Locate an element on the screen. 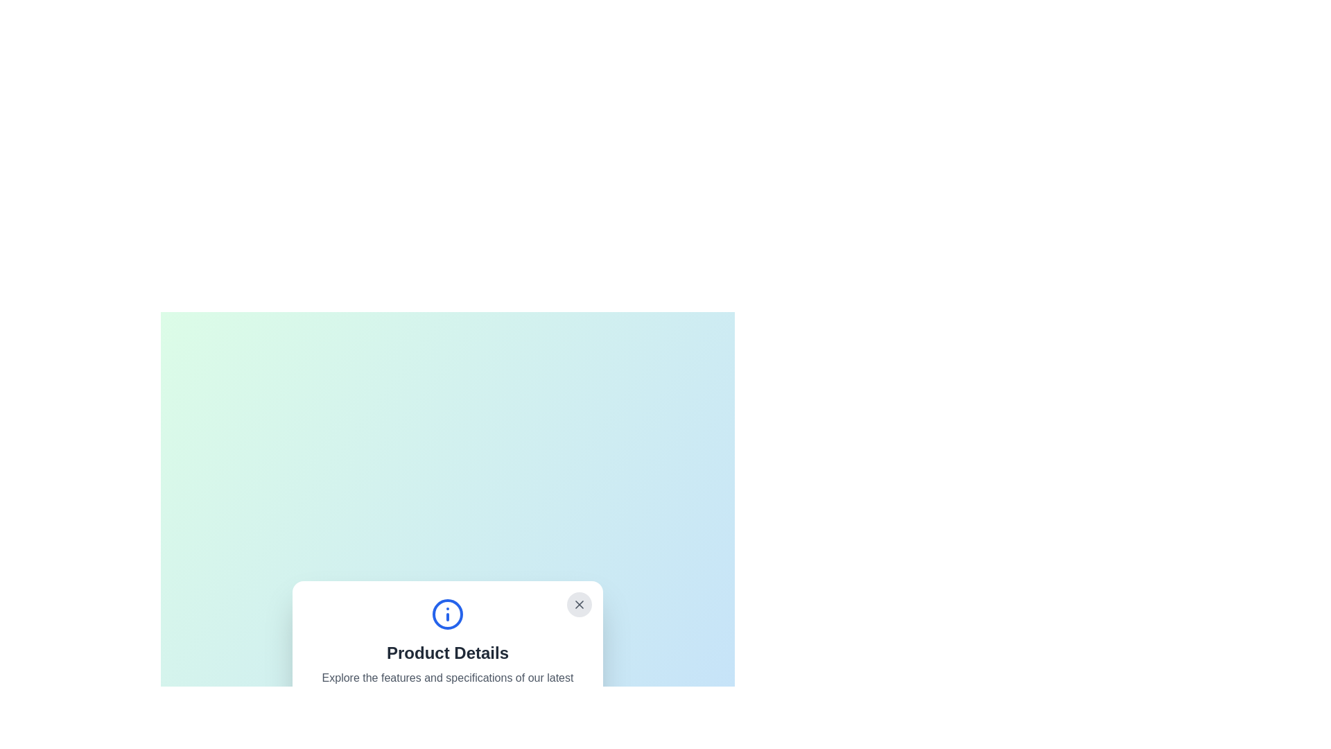 The width and height of the screenshot is (1331, 749). circular graphical element with a blue outline and white fill, located within the 'Product Details' pop-up window, by hovering over it is located at coordinates (448, 614).